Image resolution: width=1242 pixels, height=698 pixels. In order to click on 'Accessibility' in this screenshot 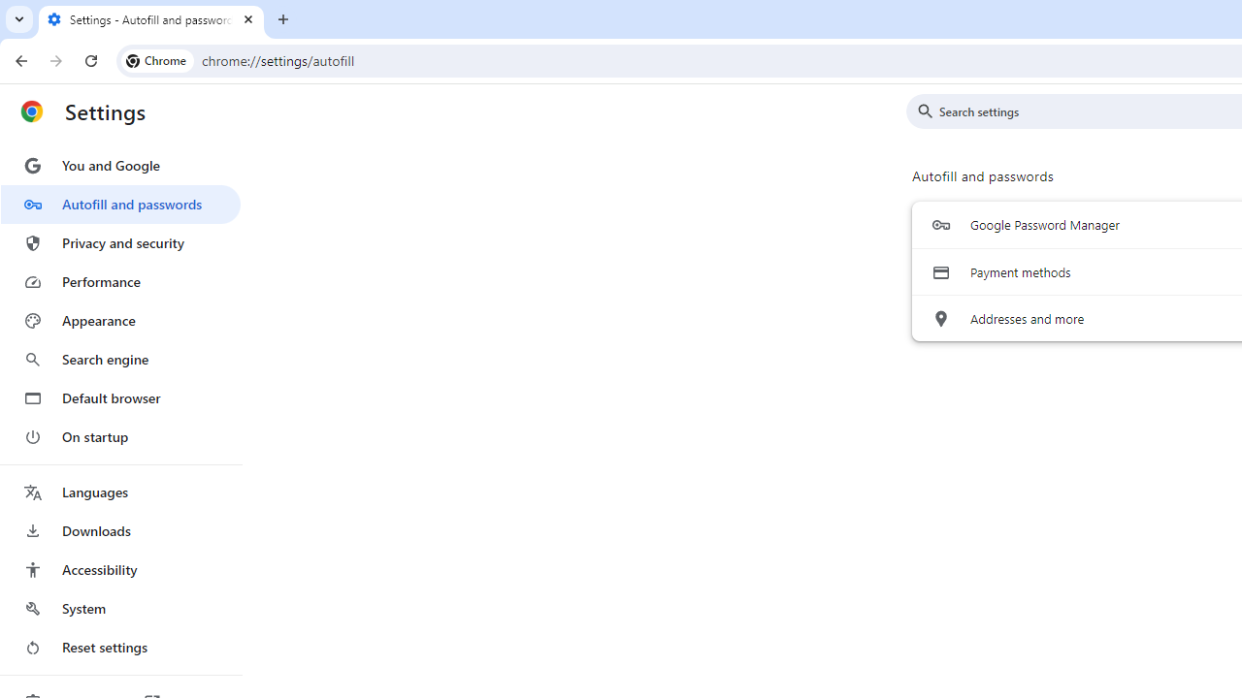, I will do `click(119, 568)`.